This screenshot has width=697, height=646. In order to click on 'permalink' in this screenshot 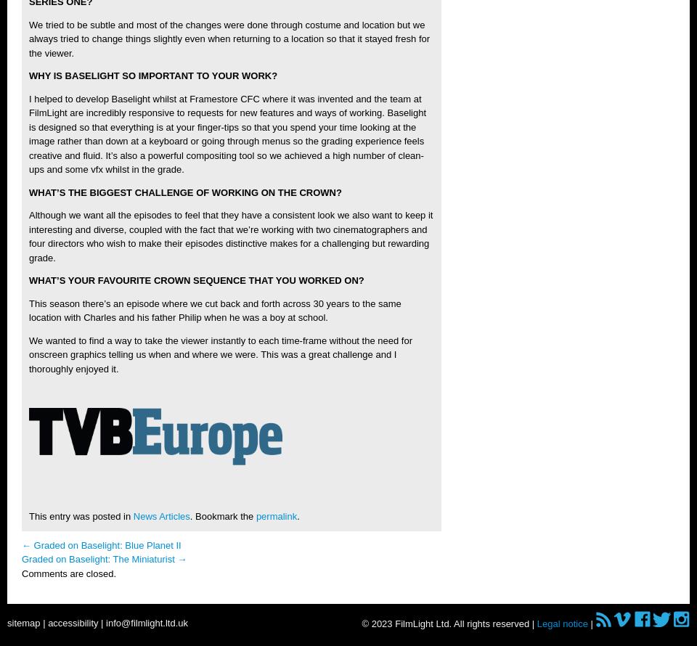, I will do `click(275, 515)`.